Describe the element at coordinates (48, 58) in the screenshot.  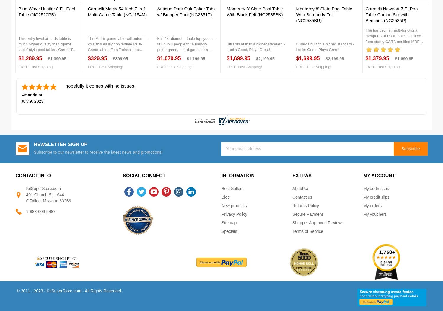
I see `'$1,399.95'` at that location.